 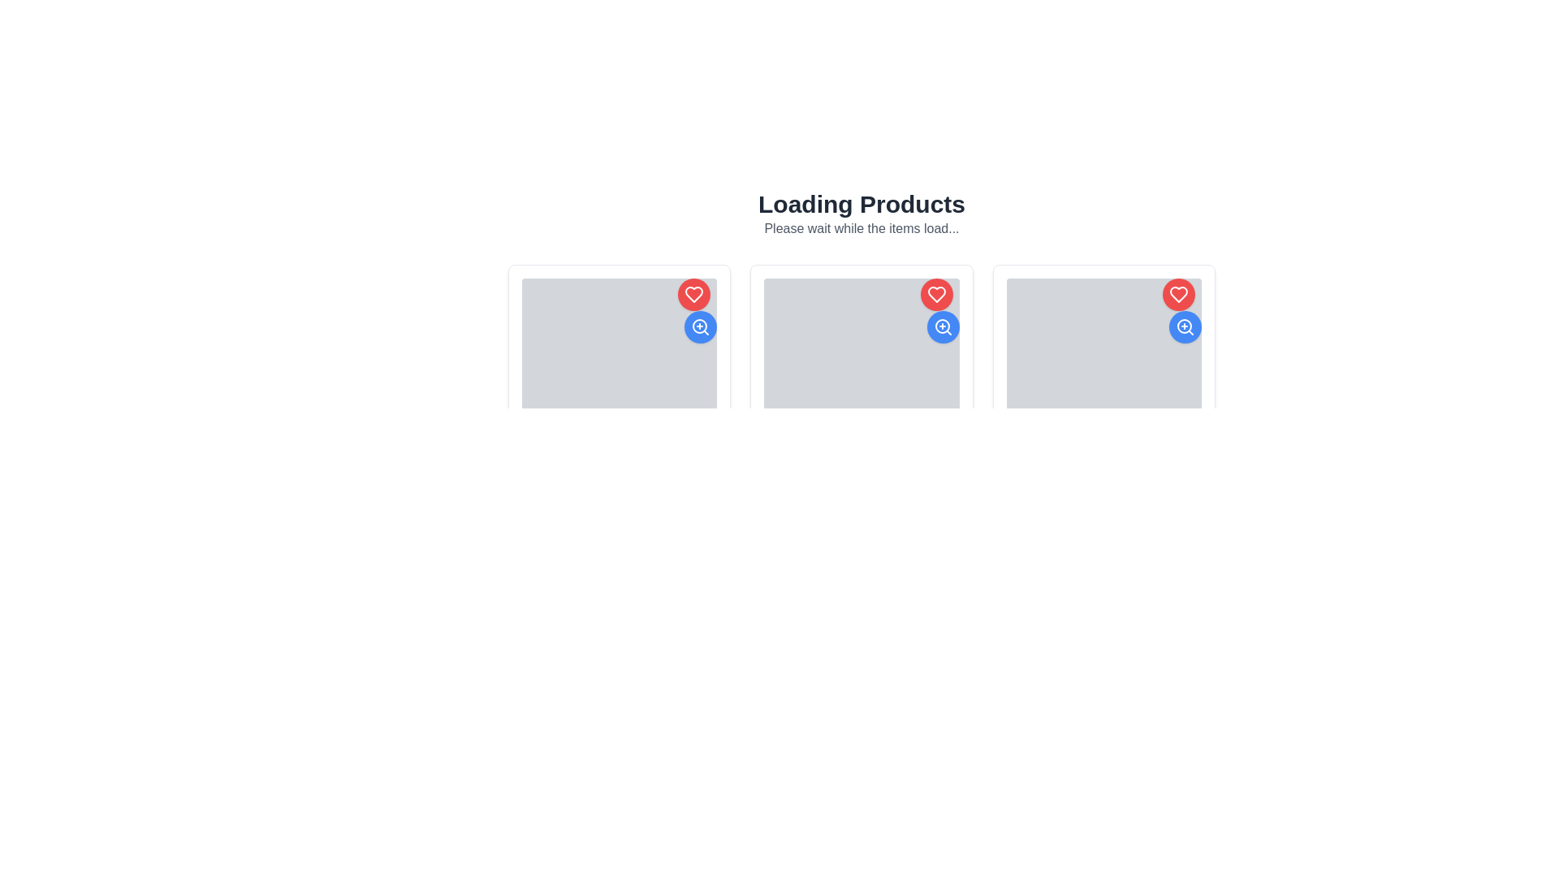 I want to click on the static text label displaying 'Please wait while the items load...', which is styled in gray and located directly beneath the heading 'Loading Products', so click(x=861, y=228).